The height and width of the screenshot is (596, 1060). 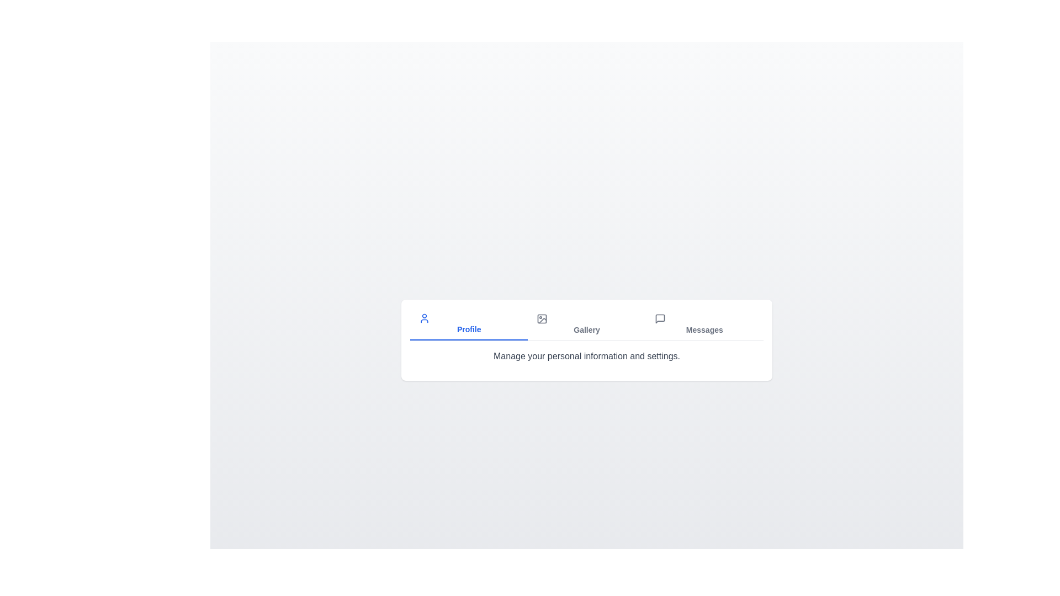 What do you see at coordinates (586, 323) in the screenshot?
I see `the Gallery tab to view its content` at bounding box center [586, 323].